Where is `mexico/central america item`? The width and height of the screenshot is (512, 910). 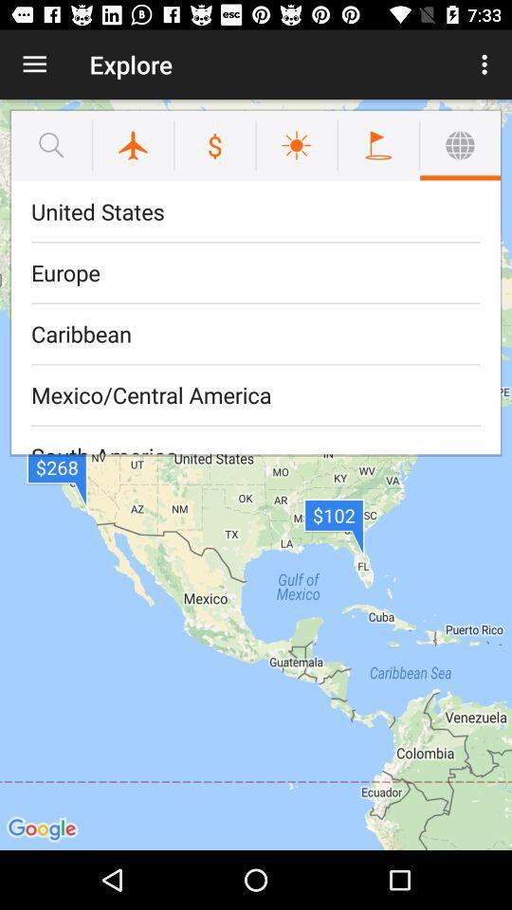 mexico/central america item is located at coordinates (256, 394).